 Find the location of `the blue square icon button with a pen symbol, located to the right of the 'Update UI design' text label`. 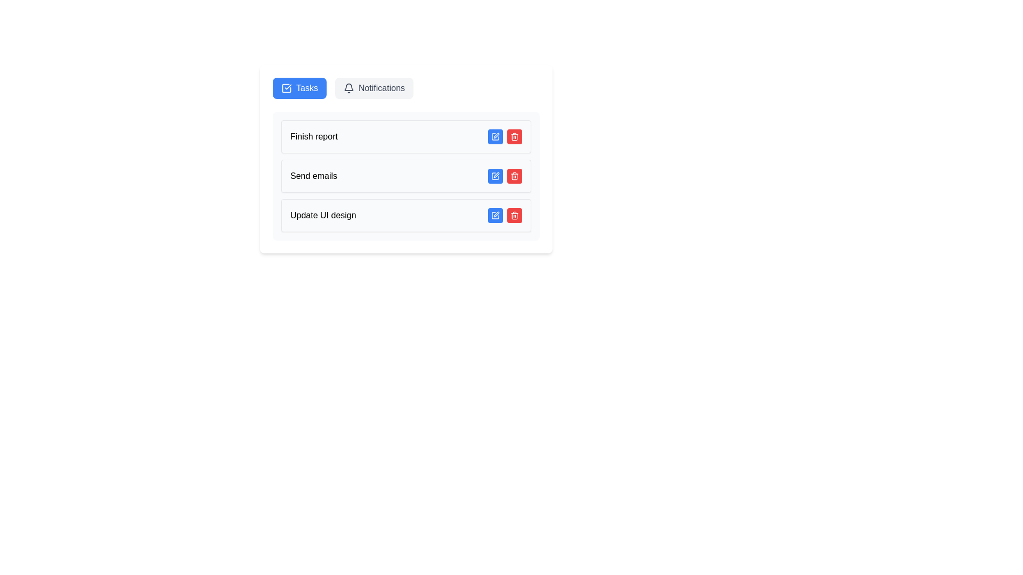

the blue square icon button with a pen symbol, located to the right of the 'Update UI design' text label is located at coordinates (495, 216).